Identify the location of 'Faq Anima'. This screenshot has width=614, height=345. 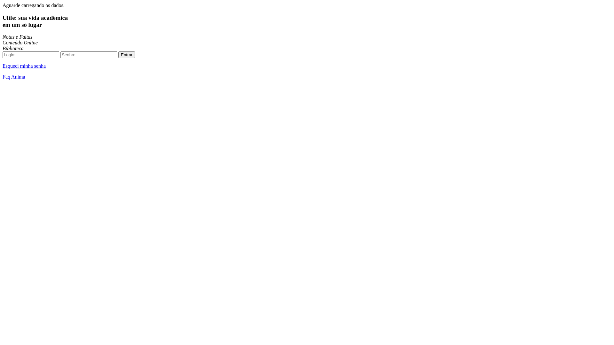
(3, 76).